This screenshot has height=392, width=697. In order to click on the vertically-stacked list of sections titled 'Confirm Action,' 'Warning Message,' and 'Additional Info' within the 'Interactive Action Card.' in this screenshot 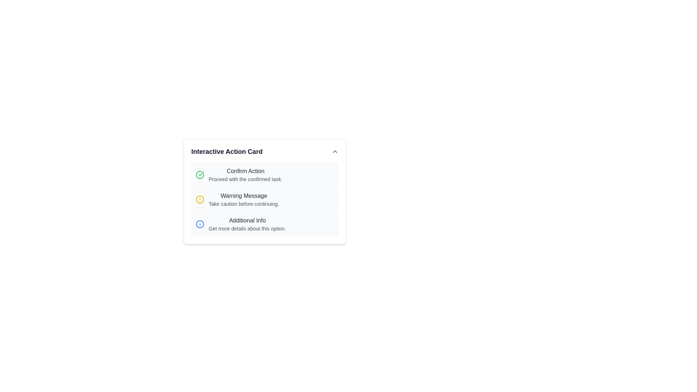, I will do `click(264, 200)`.